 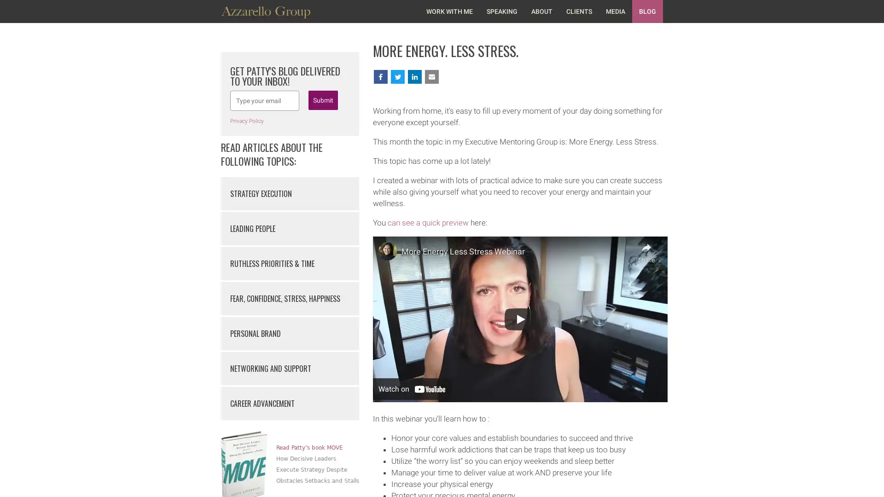 What do you see at coordinates (397, 76) in the screenshot?
I see `Share to Facebook Facebook` at bounding box center [397, 76].